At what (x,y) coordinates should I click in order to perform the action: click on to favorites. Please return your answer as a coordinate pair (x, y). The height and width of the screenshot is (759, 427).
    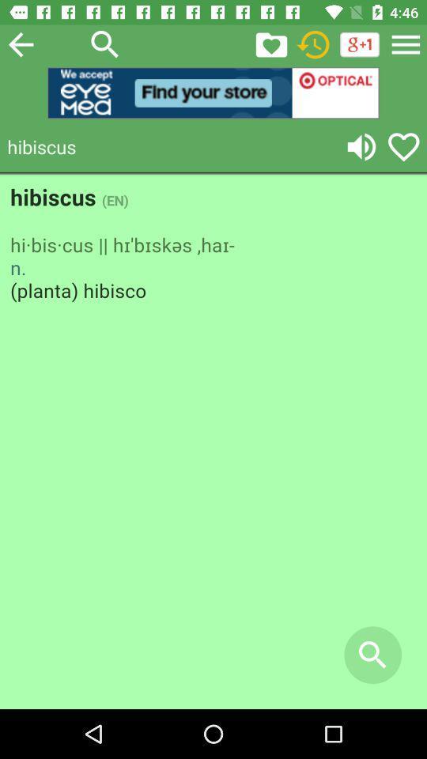
    Looking at the image, I should click on (403, 146).